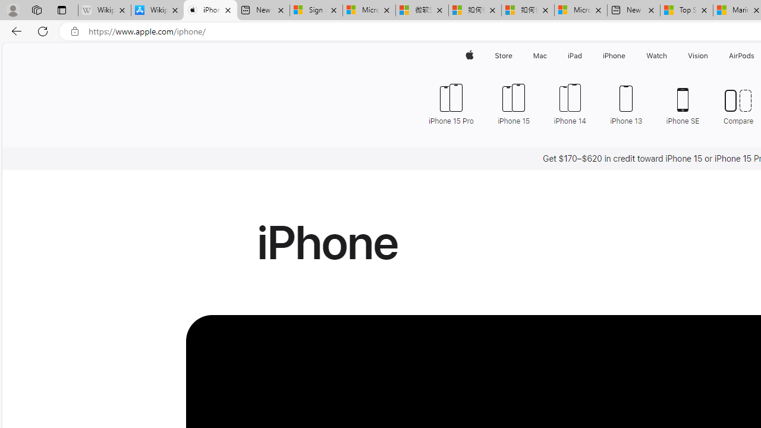  Describe the element at coordinates (514, 102) in the screenshot. I see `'iPhone 15'` at that location.